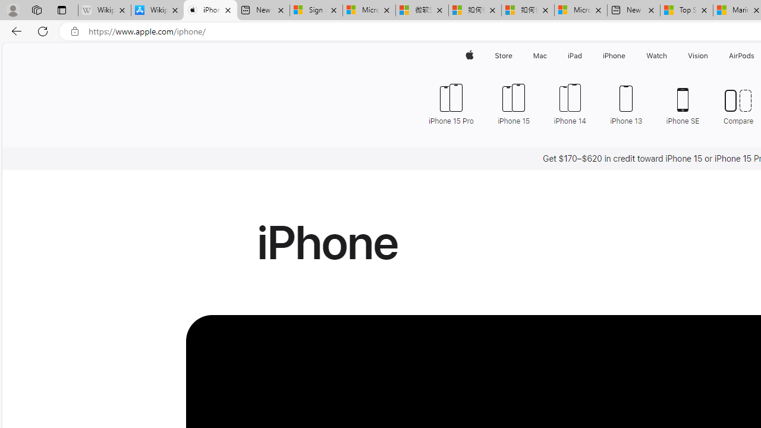  Describe the element at coordinates (514, 102) in the screenshot. I see `'iPhone 15'` at that location.